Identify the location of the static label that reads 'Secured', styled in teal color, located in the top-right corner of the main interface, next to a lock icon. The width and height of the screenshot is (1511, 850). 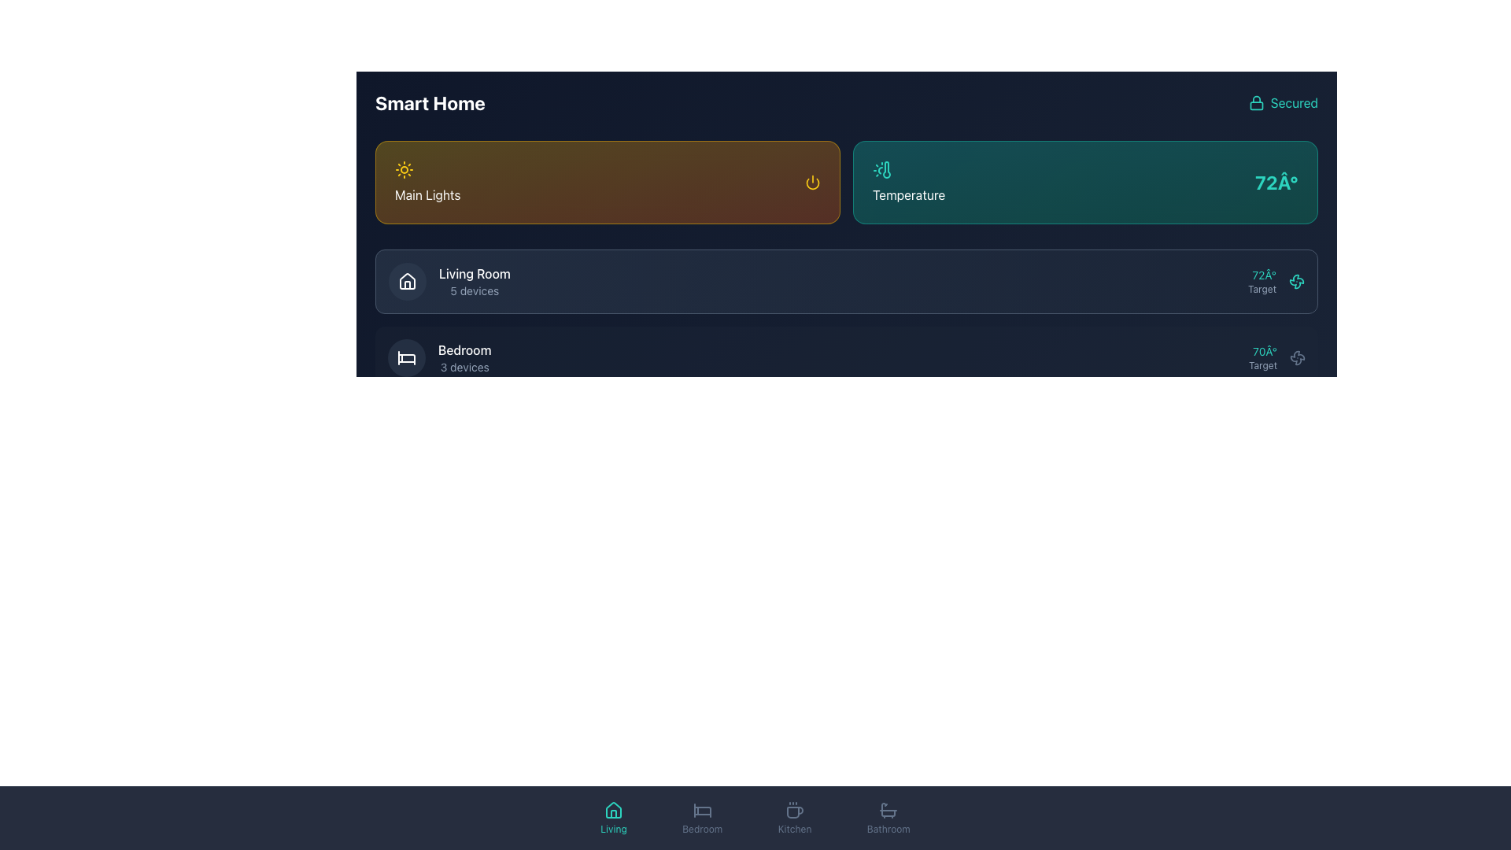
(1294, 103).